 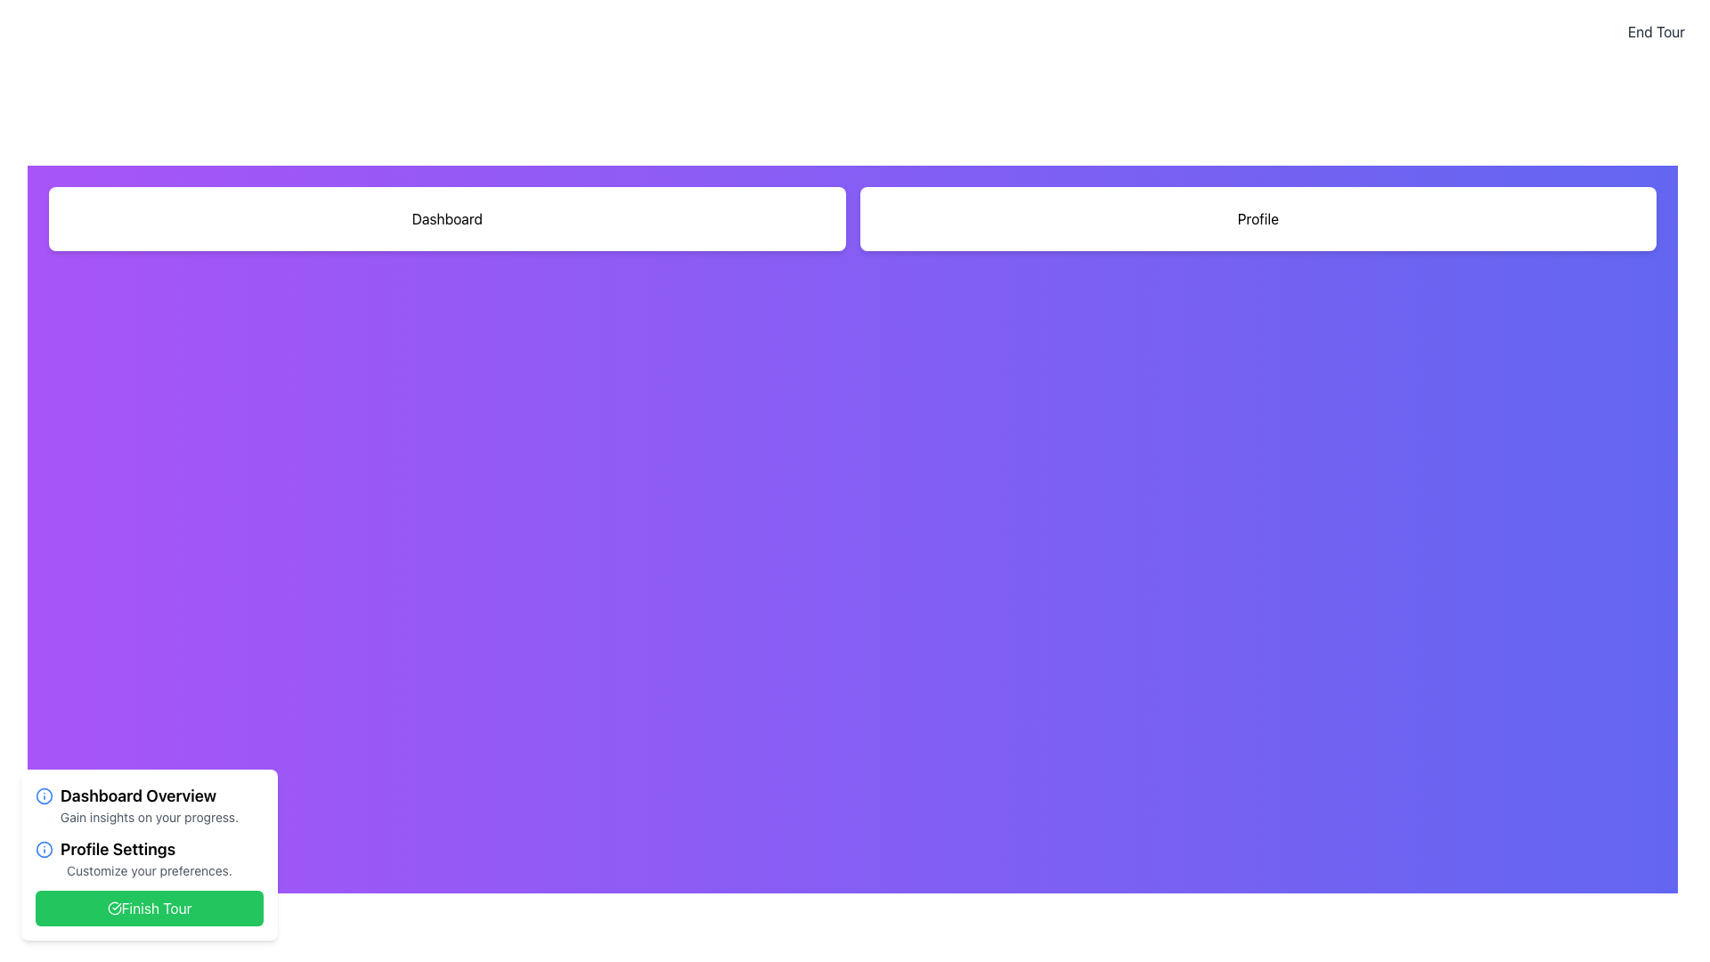 What do you see at coordinates (150, 818) in the screenshot?
I see `the text label providing a brief descriptive text or tip concerning the 'Dashboard Overview' section, located in the lower-left corner of the interface, directly below the 'Dashboard Overview' text` at bounding box center [150, 818].